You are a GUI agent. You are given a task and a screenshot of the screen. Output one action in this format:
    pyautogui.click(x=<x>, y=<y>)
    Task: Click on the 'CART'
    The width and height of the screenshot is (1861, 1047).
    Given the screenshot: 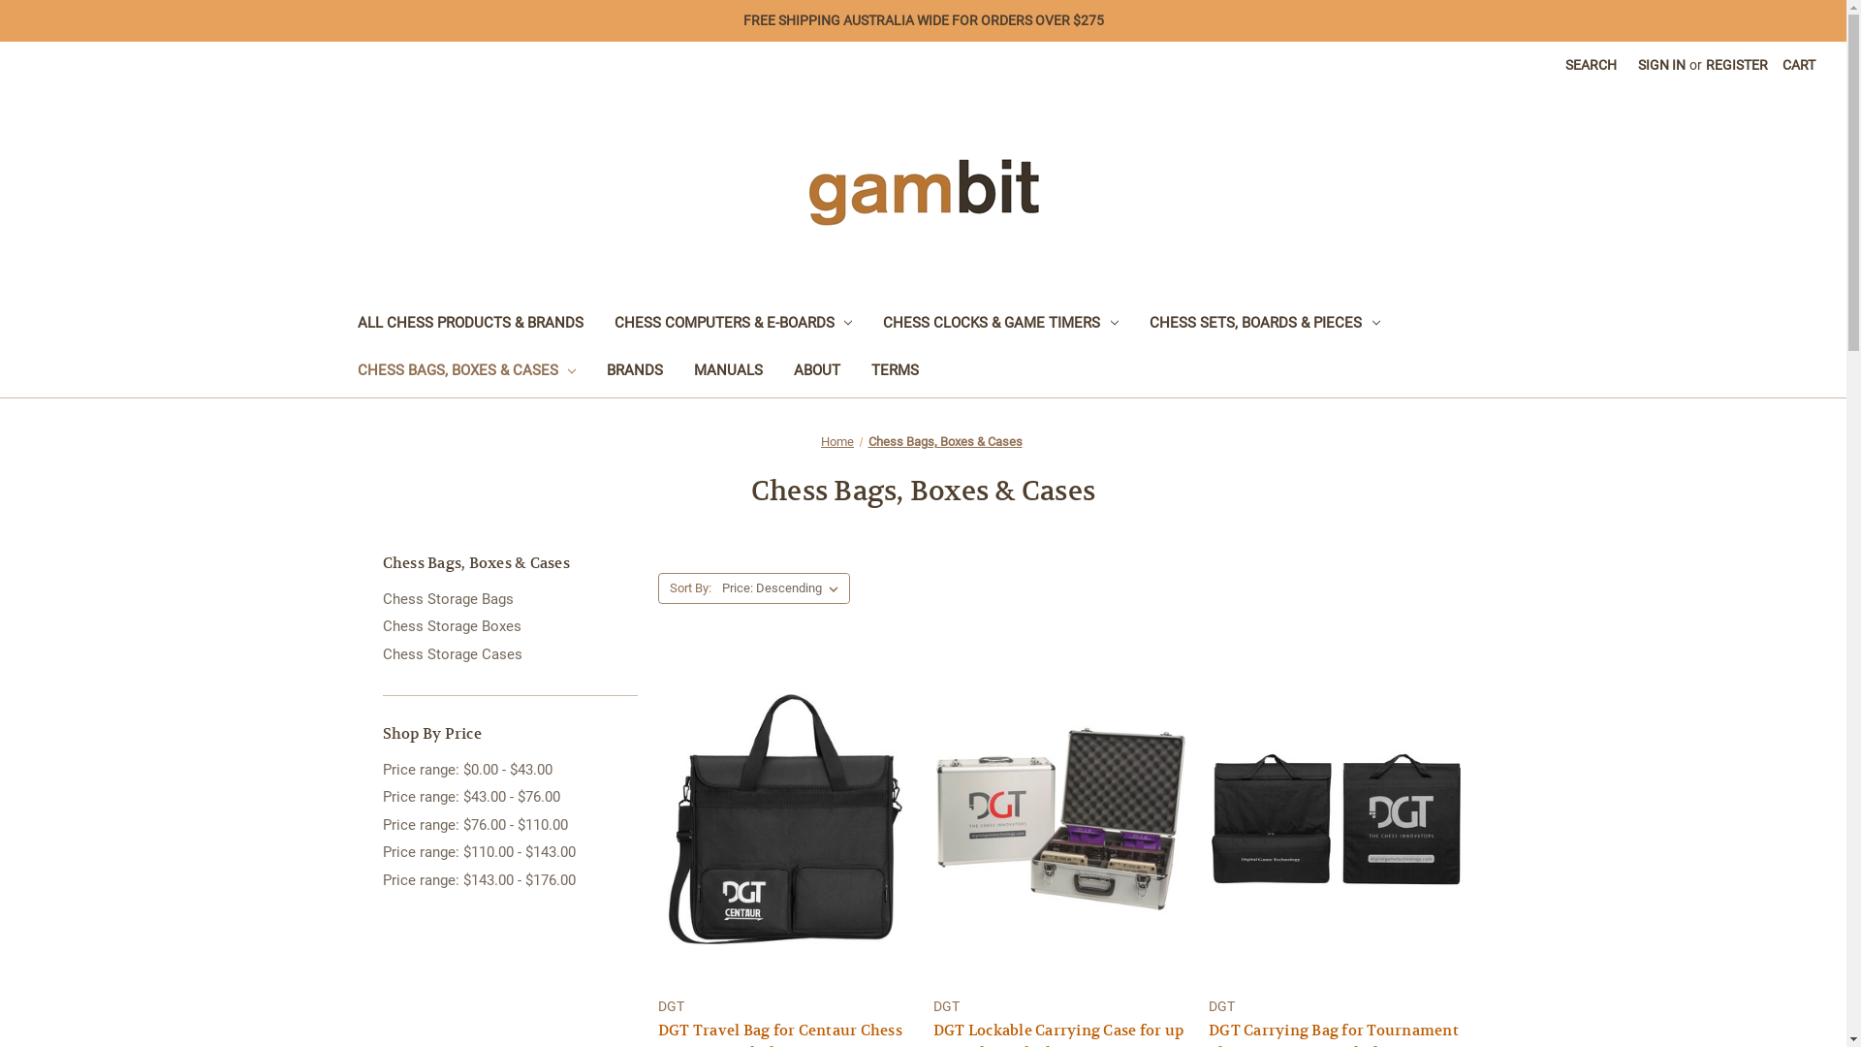 What is the action you would take?
    pyautogui.click(x=1798, y=64)
    